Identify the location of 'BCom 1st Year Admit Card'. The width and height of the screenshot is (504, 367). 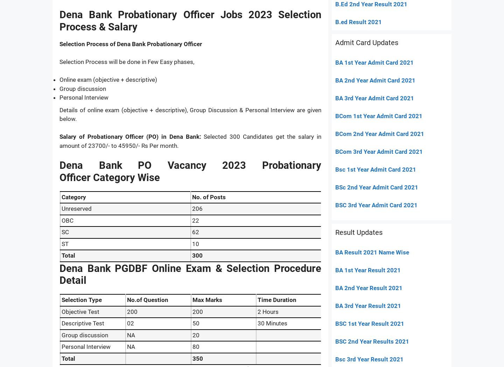
(371, 115).